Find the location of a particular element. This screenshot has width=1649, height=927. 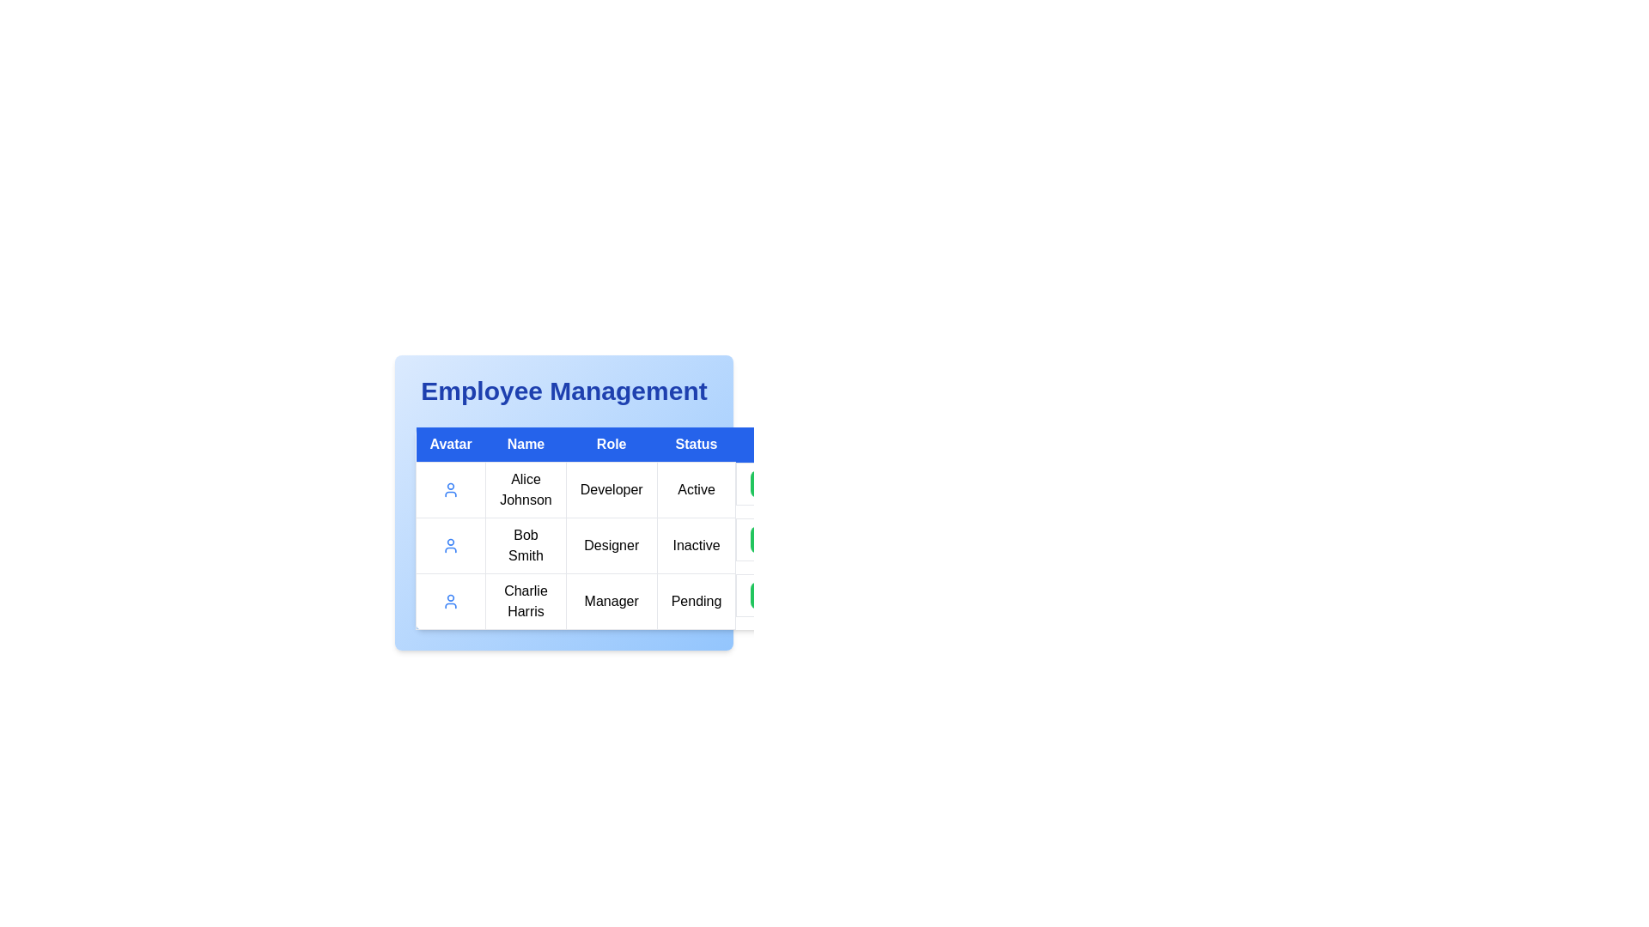

the 'Role' text label in the table header, which is a blue rectangular element with white bold text, positioned between the 'Name' and 'Status' columns is located at coordinates (612, 444).